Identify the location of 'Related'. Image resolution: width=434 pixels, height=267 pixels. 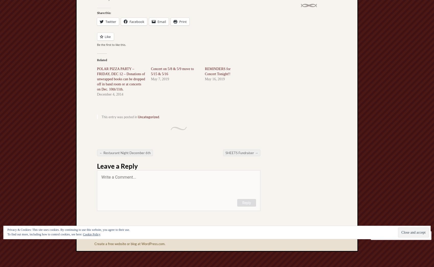
(102, 60).